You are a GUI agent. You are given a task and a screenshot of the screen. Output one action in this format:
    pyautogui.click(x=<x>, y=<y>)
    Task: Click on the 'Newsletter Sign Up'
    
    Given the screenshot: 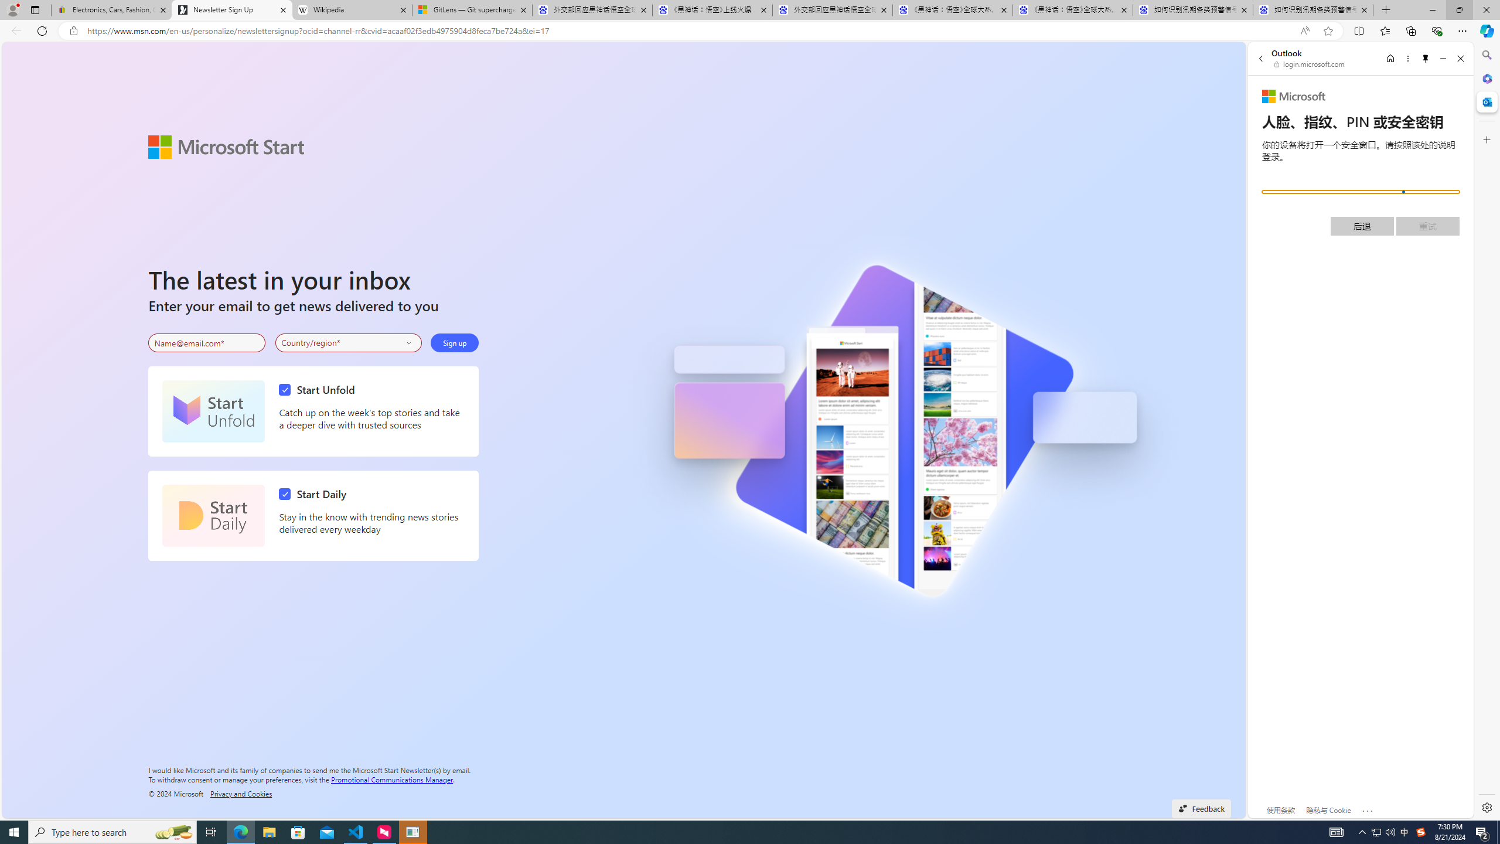 What is the action you would take?
    pyautogui.click(x=231, y=9)
    